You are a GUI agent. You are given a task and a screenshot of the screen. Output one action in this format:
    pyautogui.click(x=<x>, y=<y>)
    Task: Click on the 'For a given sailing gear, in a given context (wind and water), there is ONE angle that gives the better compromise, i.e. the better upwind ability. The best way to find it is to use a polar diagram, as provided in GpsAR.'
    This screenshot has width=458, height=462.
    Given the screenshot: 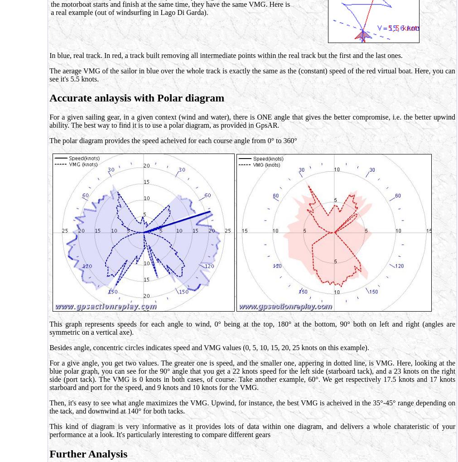 What is the action you would take?
    pyautogui.click(x=252, y=120)
    